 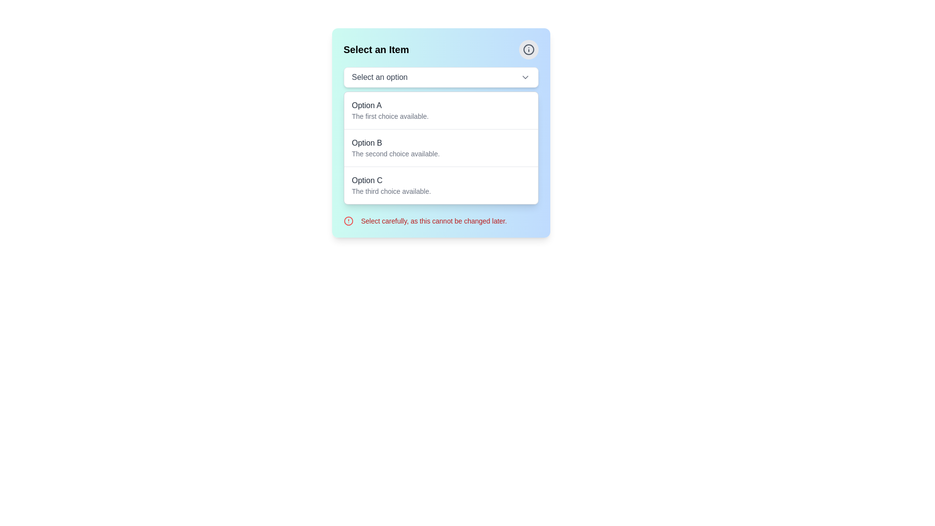 What do you see at coordinates (440, 110) in the screenshot?
I see `the first option item labeled 'Option A'` at bounding box center [440, 110].